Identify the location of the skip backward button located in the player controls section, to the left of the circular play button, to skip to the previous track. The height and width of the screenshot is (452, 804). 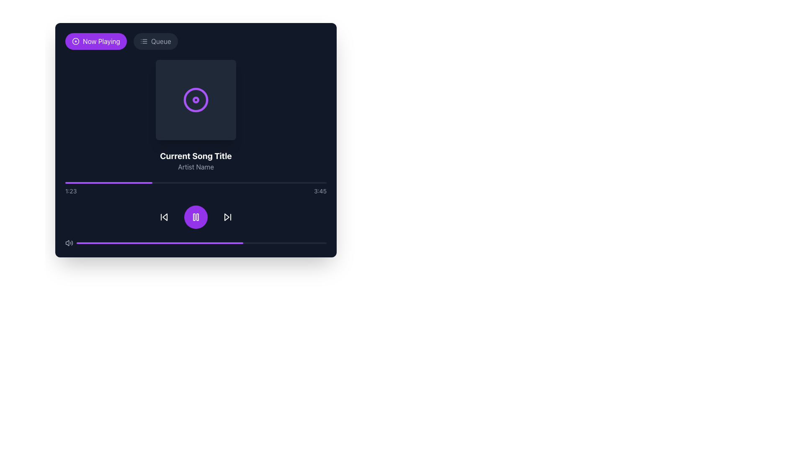
(164, 217).